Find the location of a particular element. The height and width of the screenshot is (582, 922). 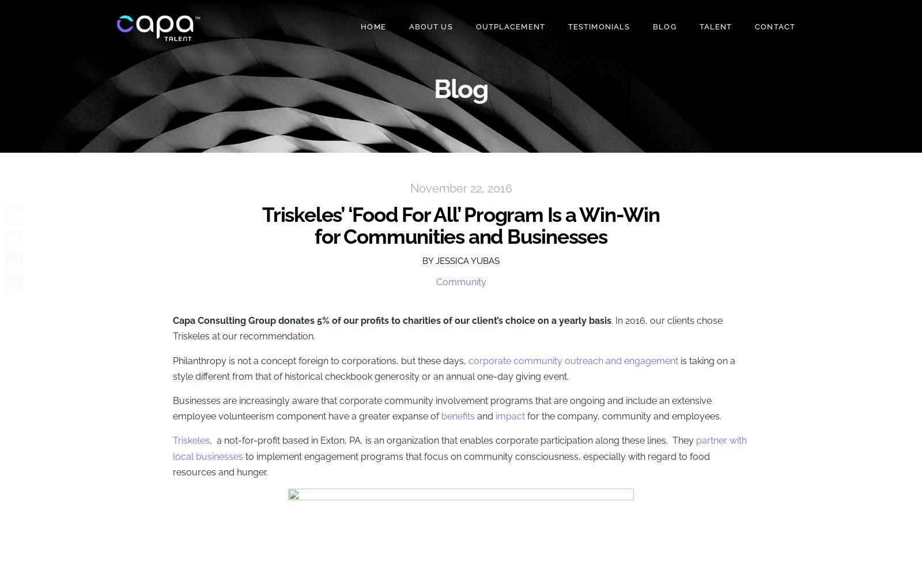

'Testimonials' is located at coordinates (599, 26).